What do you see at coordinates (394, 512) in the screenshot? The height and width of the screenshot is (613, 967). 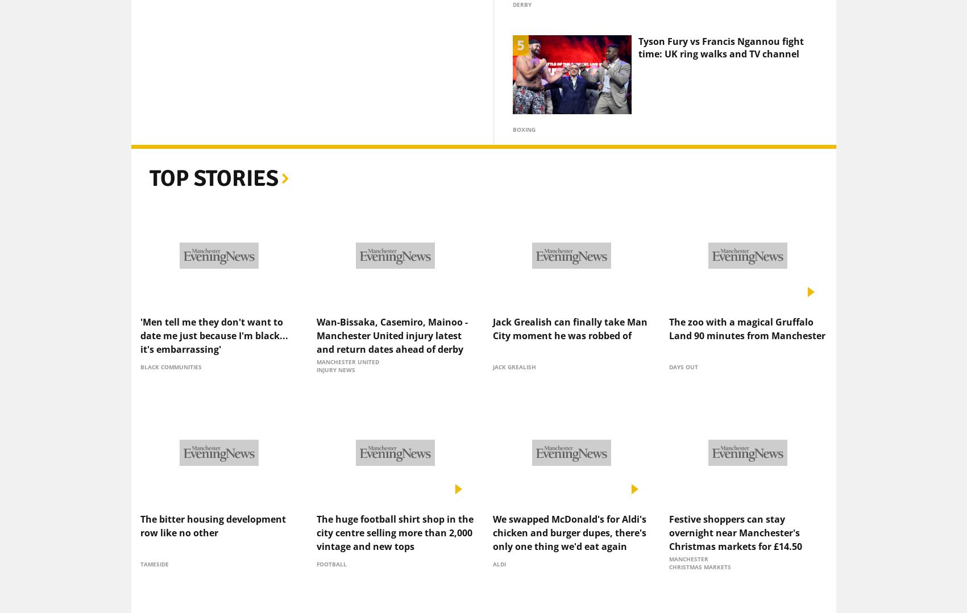 I see `'The huge football shirt shop in the city centre selling more than 2,000 vintage and new tops'` at bounding box center [394, 512].